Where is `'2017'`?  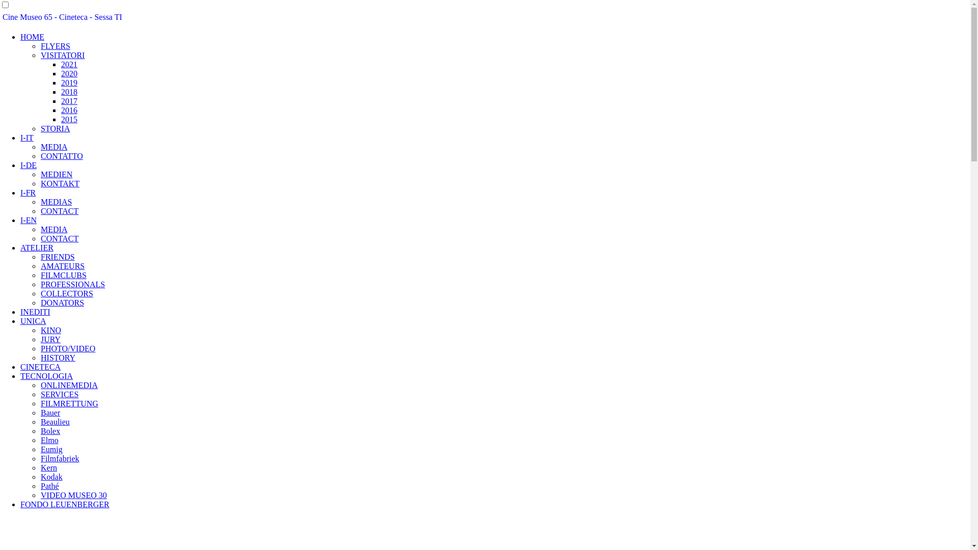
'2017' is located at coordinates (68, 101).